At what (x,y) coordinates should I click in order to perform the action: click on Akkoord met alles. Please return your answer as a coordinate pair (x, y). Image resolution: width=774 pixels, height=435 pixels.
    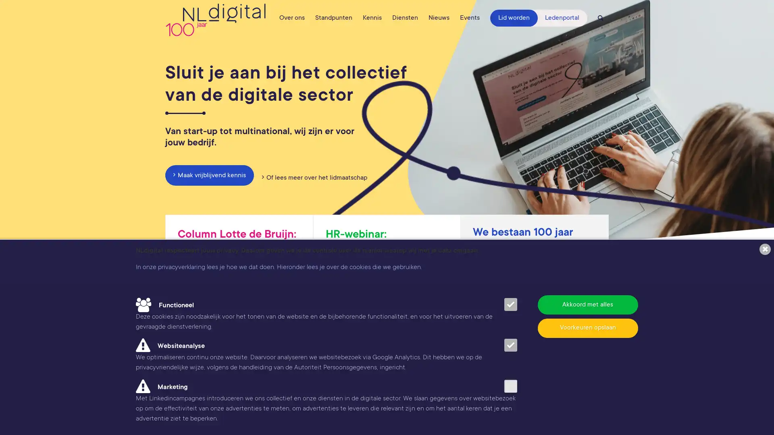
    Looking at the image, I should click on (588, 304).